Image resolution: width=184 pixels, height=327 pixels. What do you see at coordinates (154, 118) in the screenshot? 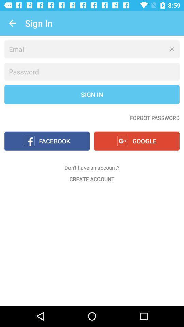
I see `forgot password` at bounding box center [154, 118].